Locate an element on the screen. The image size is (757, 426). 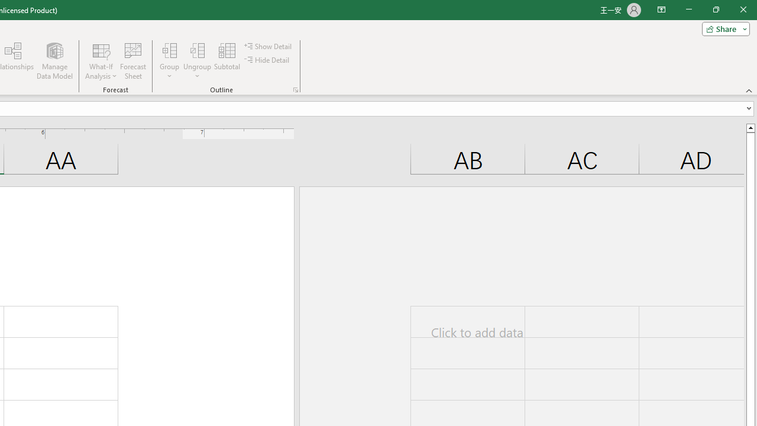
'Ribbon Display Options' is located at coordinates (661, 9).